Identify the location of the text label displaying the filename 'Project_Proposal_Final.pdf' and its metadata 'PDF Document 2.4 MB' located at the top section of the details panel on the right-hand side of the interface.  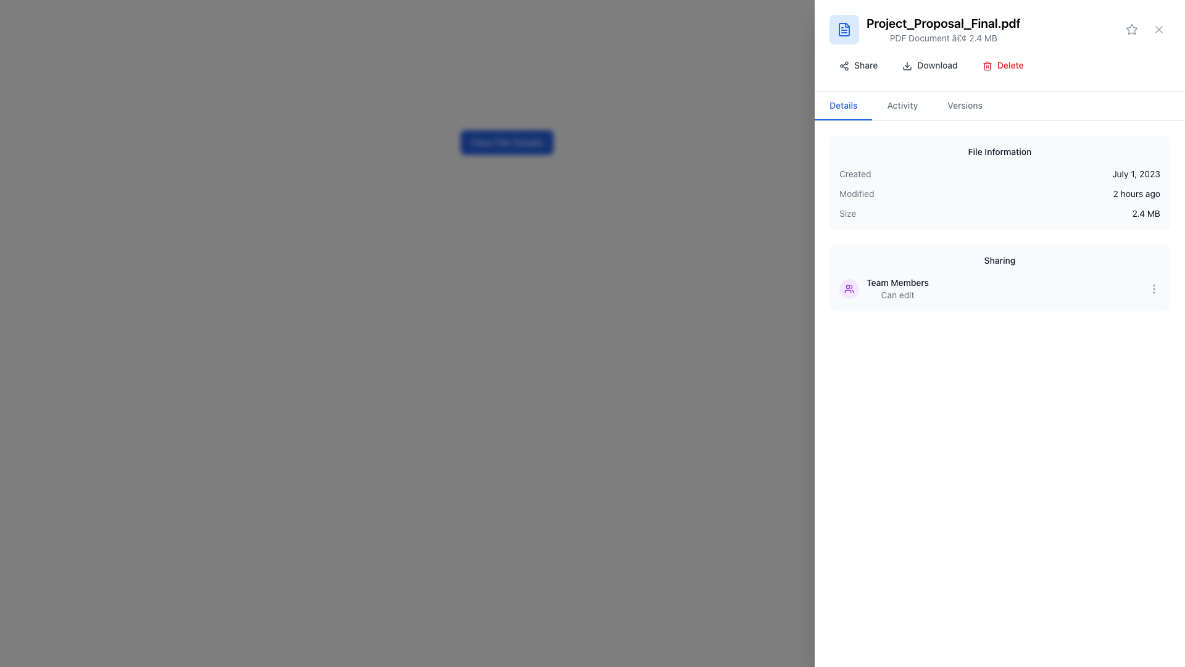
(942, 28).